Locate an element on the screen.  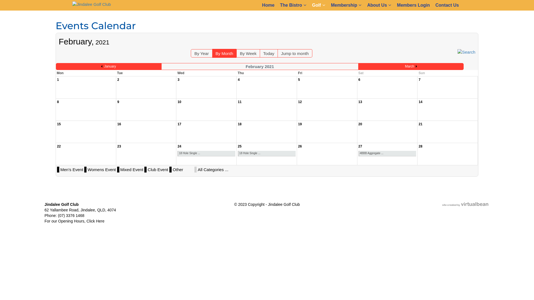
'27' is located at coordinates (360, 146).